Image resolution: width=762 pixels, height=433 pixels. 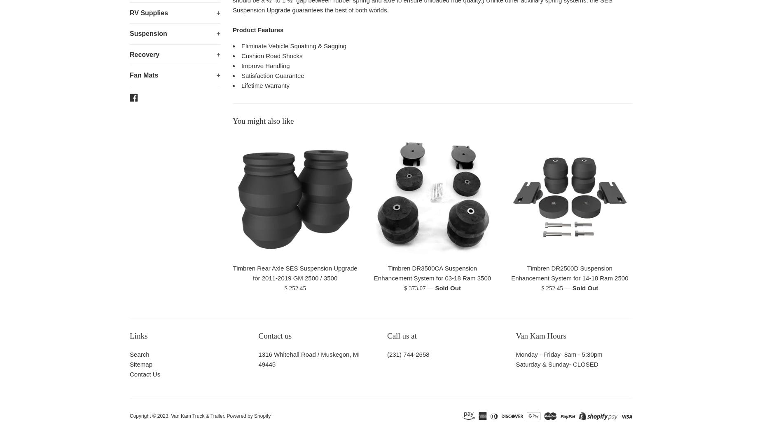 I want to click on '(231) 744-2658', so click(x=408, y=354).